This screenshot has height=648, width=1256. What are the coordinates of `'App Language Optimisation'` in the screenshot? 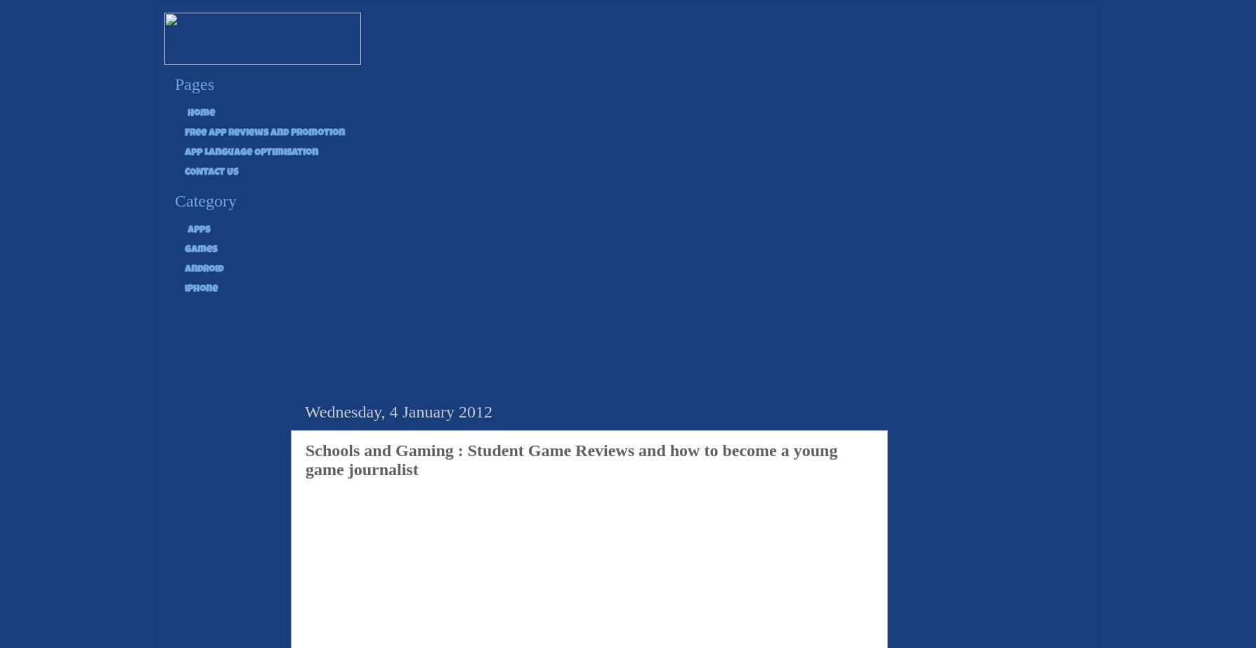 It's located at (250, 153).